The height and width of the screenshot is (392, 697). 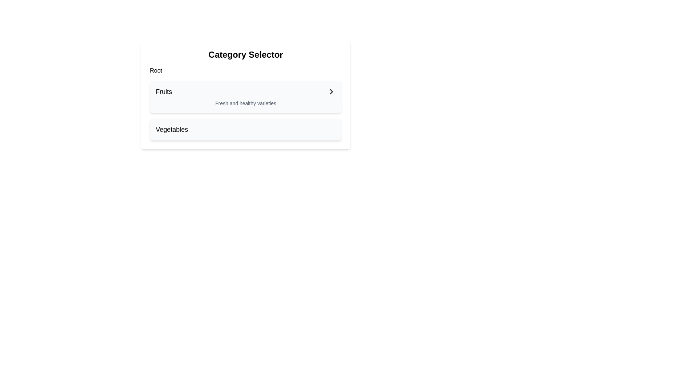 What do you see at coordinates (163, 91) in the screenshot?
I see `the static text label displaying the word 'Fruits', which is part of a category selection interface and is located to the left of an arrow icon` at bounding box center [163, 91].